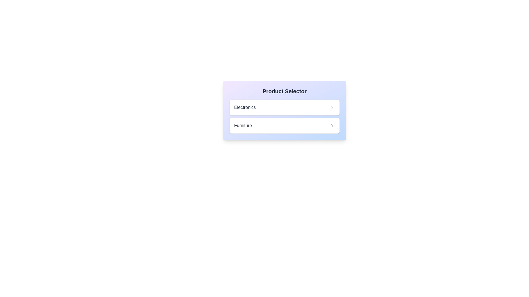 The image size is (529, 297). What do you see at coordinates (243, 125) in the screenshot?
I see `the 'Furniture' category label in the 'Product Selector' interface` at bounding box center [243, 125].